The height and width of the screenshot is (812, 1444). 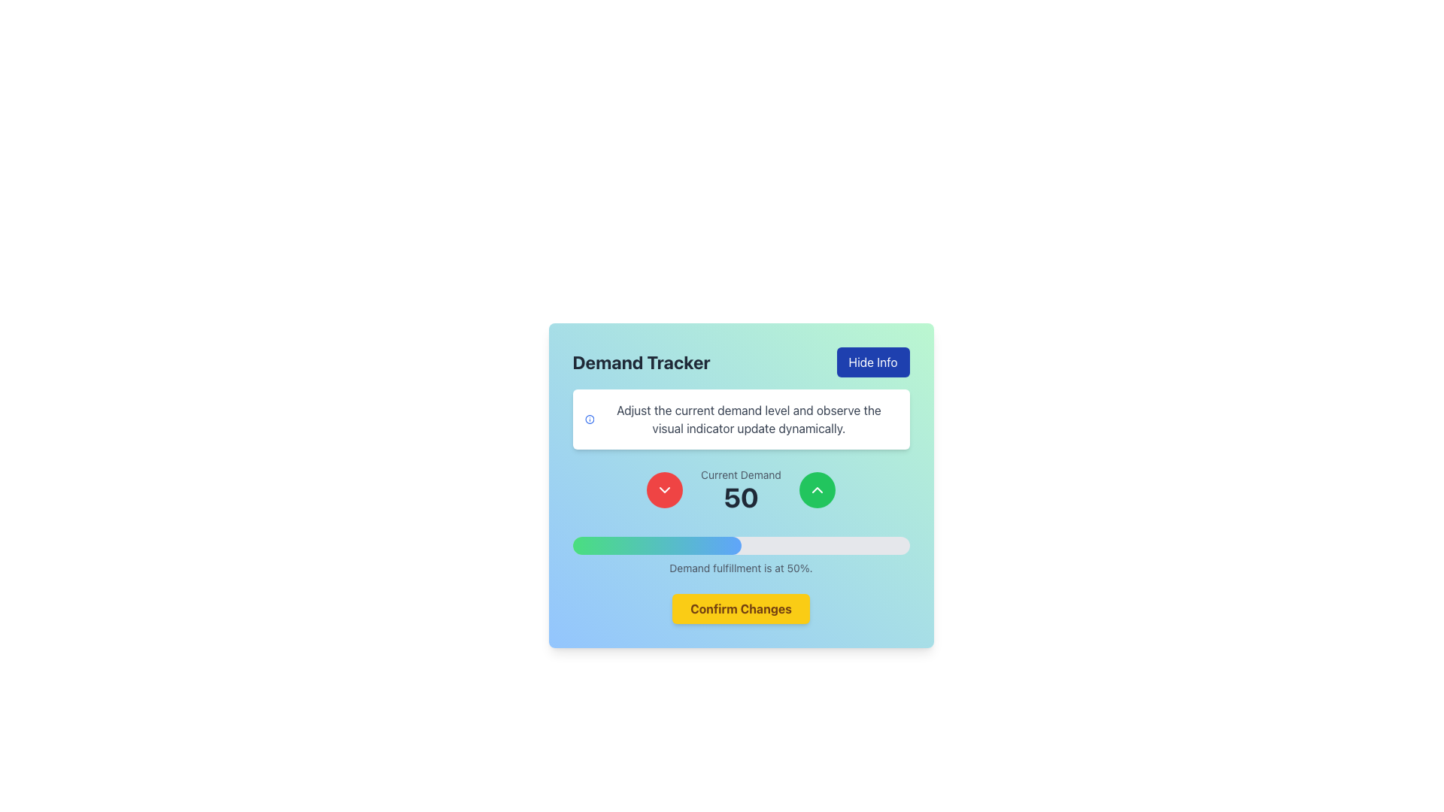 I want to click on the Static Text displaying 'Demand fulfillment is at 50%', which is styled with a gray font and positioned centrally below a progress bar, so click(x=741, y=568).